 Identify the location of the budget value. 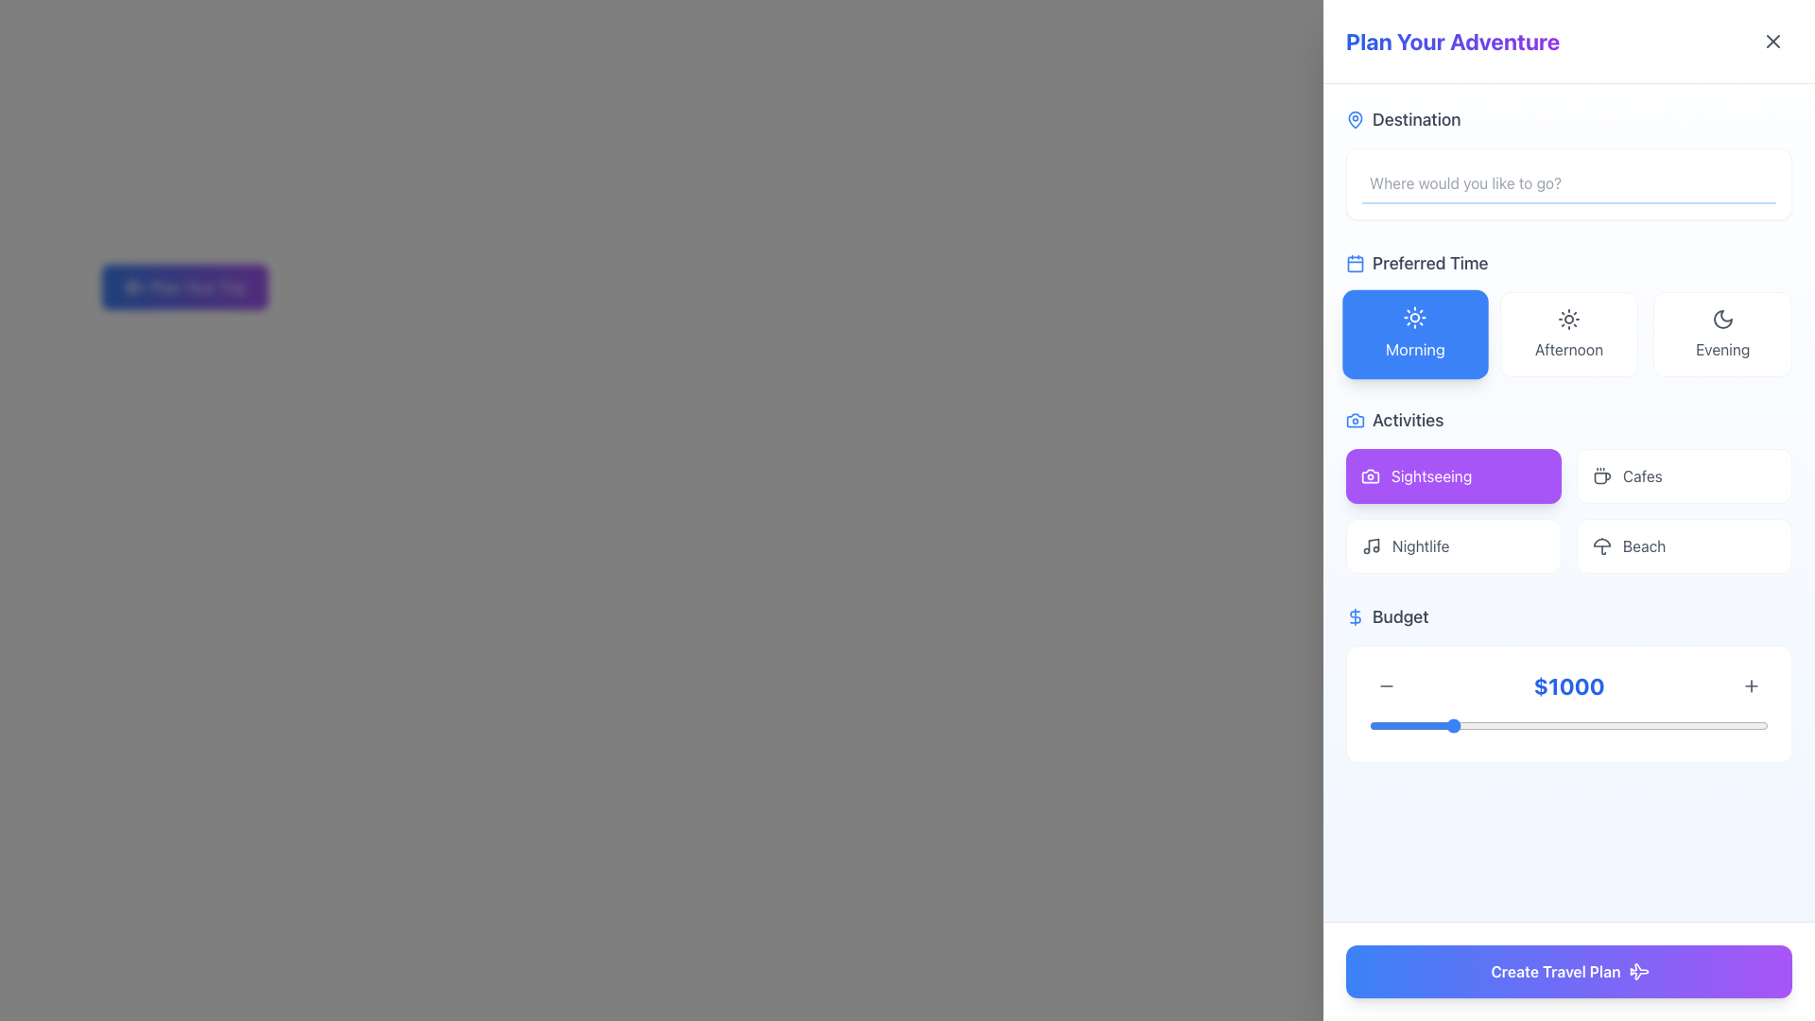
(1571, 724).